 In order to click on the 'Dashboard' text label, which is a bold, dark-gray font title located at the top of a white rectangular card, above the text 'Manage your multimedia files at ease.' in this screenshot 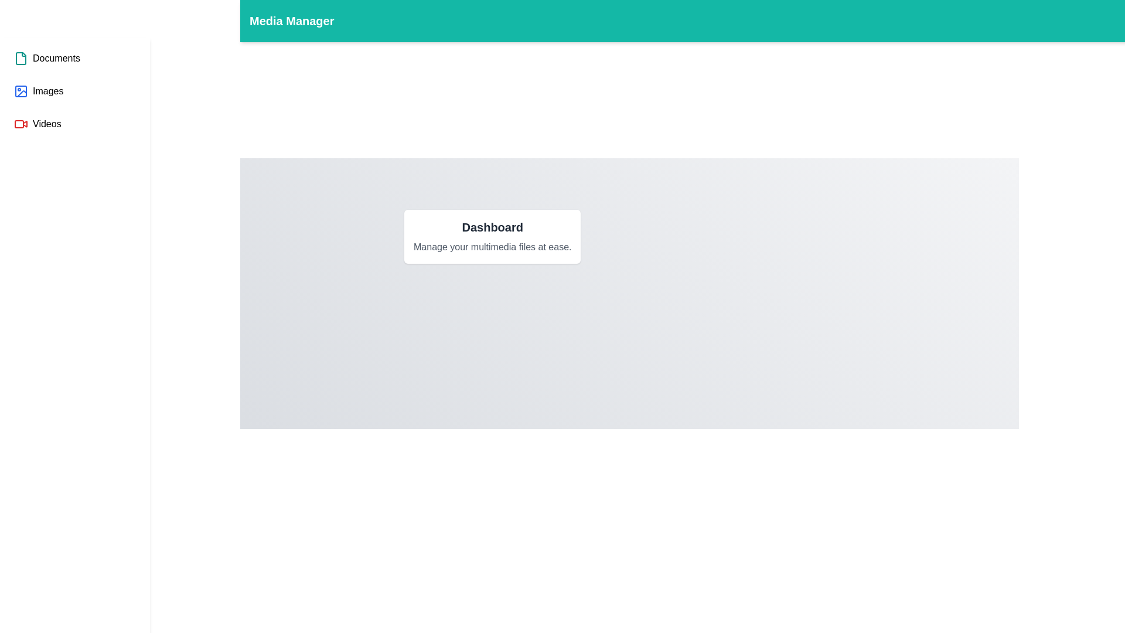, I will do `click(492, 227)`.